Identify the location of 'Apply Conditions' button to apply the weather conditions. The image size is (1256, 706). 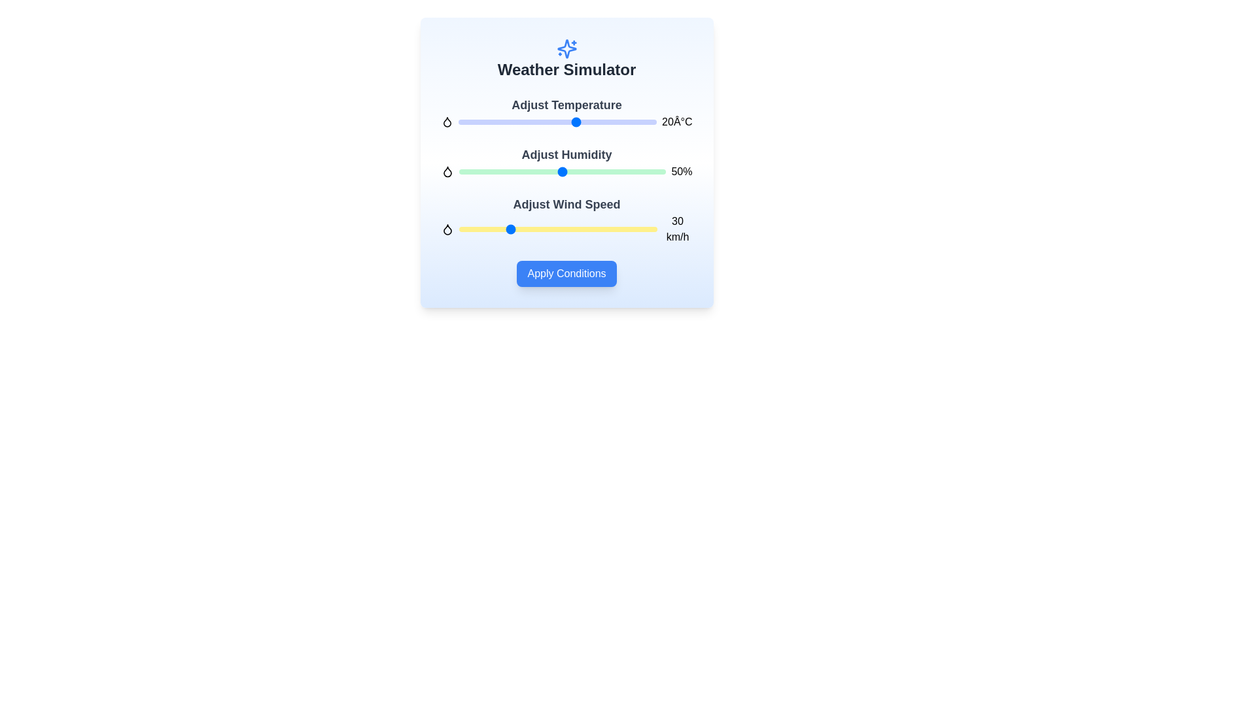
(567, 273).